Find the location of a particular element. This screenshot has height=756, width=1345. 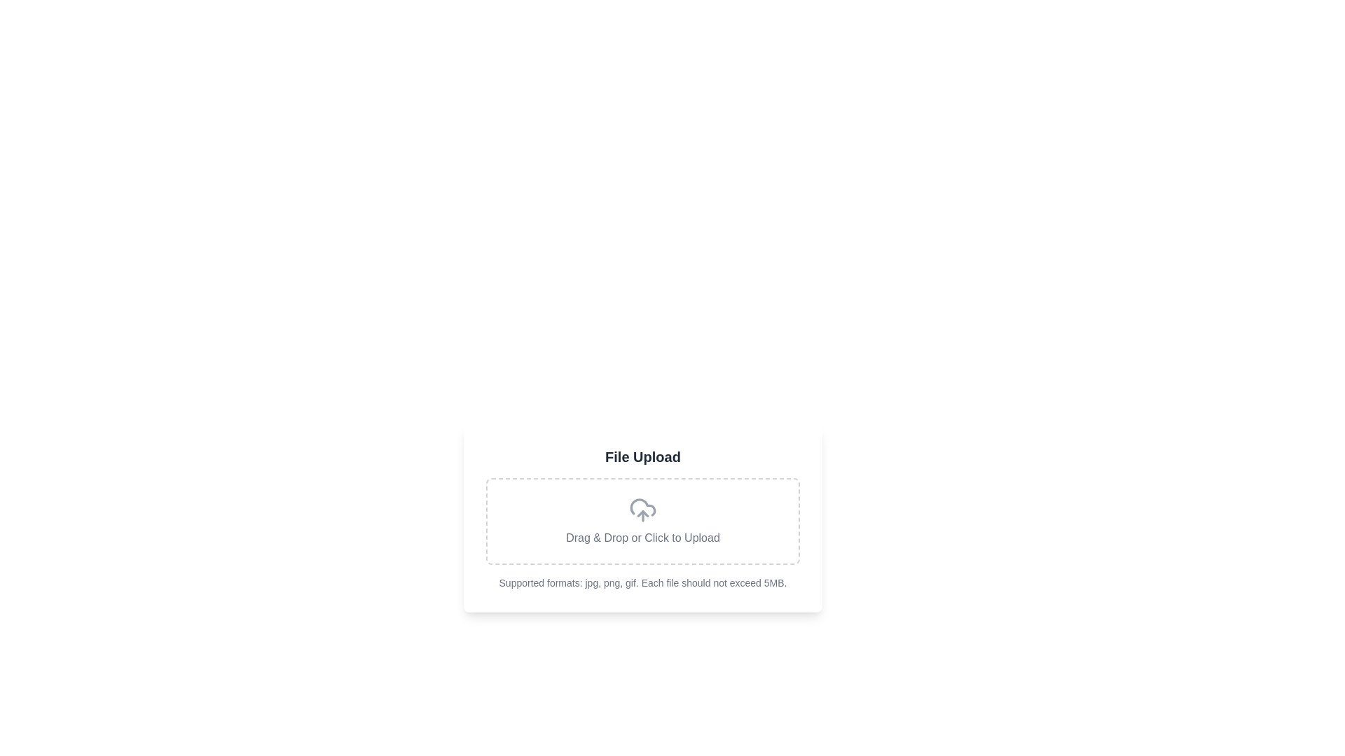

and drop files into the upload area of the File Upload interface component, which is visually characterized by a white background, rounded corners, and a dashed box indicating where is located at coordinates (642, 518).